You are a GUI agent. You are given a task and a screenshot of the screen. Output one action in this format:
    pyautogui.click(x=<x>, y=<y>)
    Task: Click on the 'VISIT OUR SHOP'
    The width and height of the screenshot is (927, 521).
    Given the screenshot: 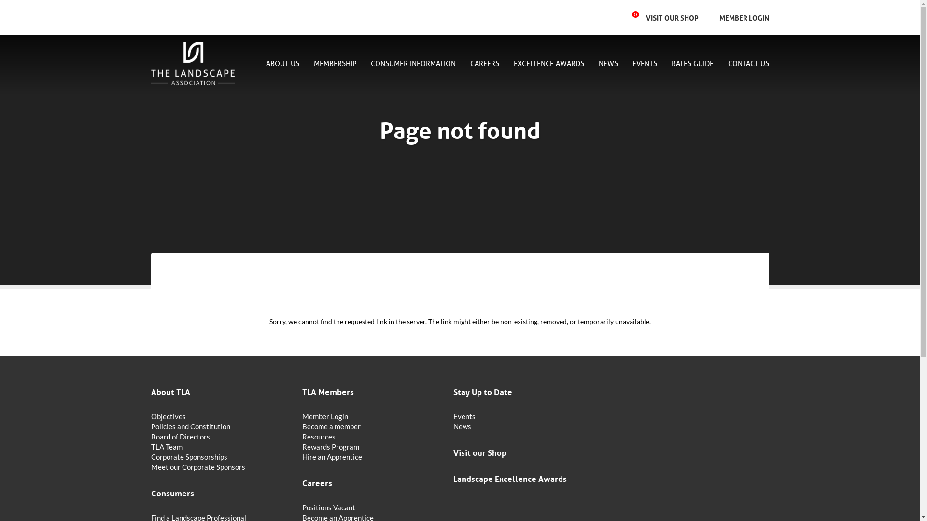 What is the action you would take?
    pyautogui.click(x=672, y=17)
    